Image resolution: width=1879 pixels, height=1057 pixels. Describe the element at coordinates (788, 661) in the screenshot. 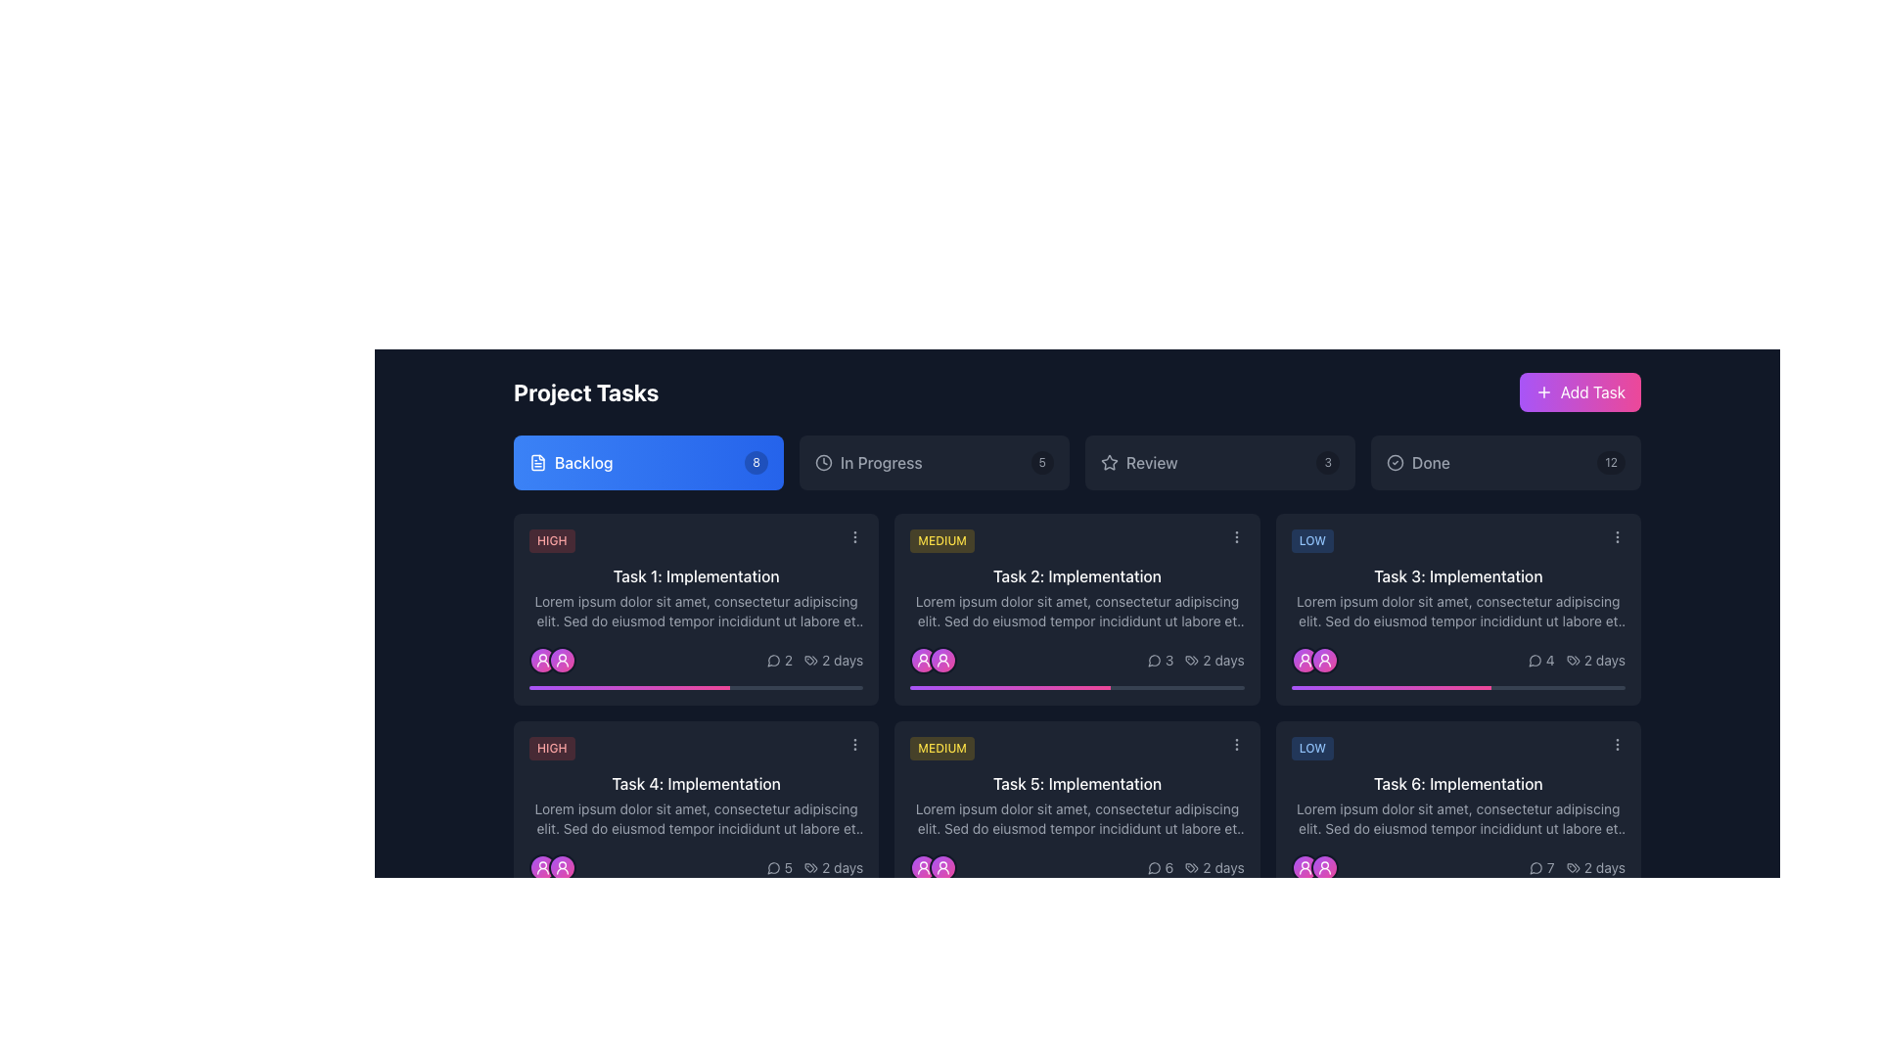

I see `the numeral '2' displayed in light gray next to a speech bubble icon` at that location.